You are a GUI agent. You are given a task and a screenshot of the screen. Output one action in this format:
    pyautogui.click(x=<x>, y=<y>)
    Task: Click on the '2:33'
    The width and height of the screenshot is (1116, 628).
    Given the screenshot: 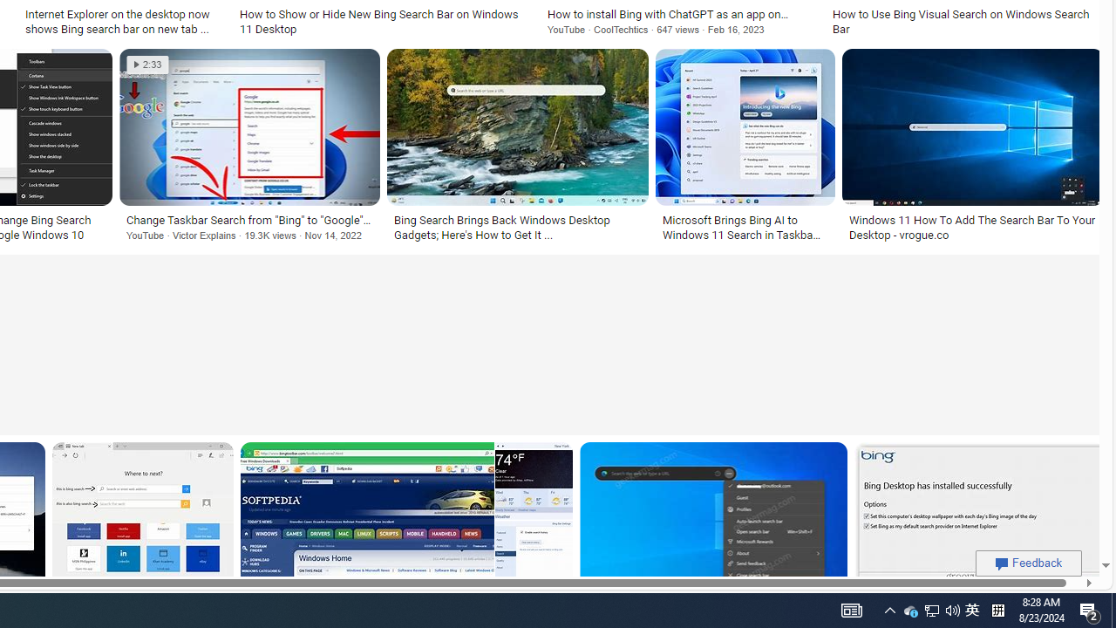 What is the action you would take?
    pyautogui.click(x=147, y=64)
    